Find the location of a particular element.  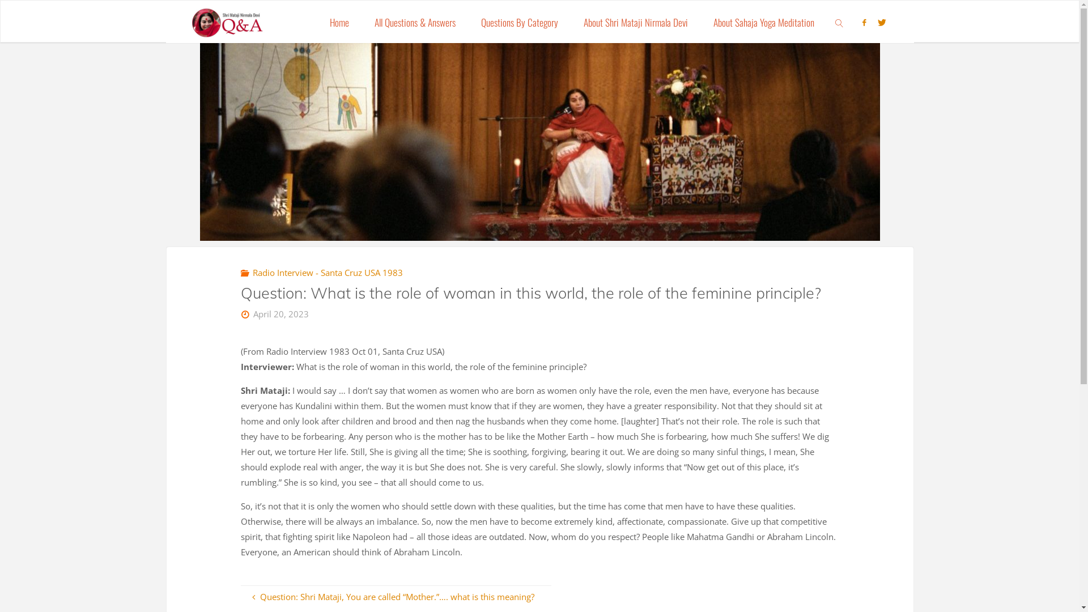

'Facebook' is located at coordinates (863, 22).